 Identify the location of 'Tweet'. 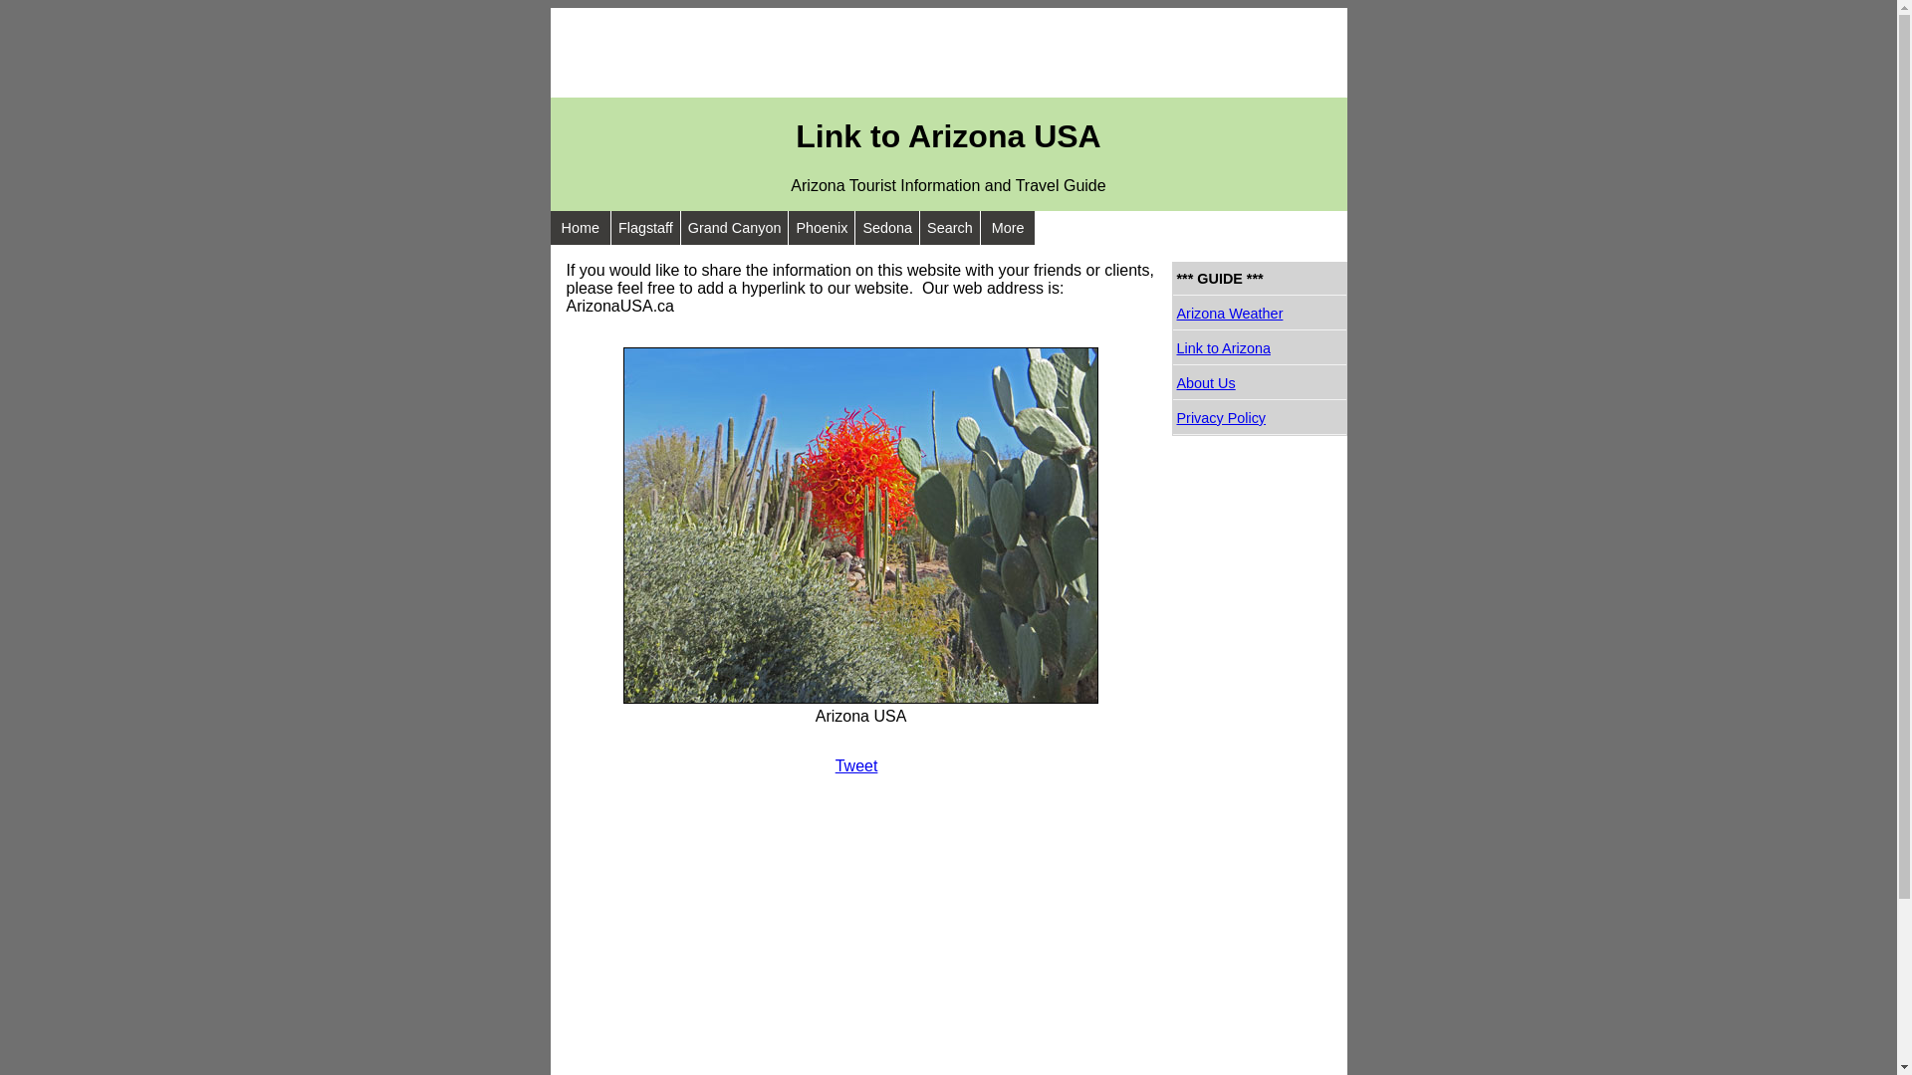
(836, 764).